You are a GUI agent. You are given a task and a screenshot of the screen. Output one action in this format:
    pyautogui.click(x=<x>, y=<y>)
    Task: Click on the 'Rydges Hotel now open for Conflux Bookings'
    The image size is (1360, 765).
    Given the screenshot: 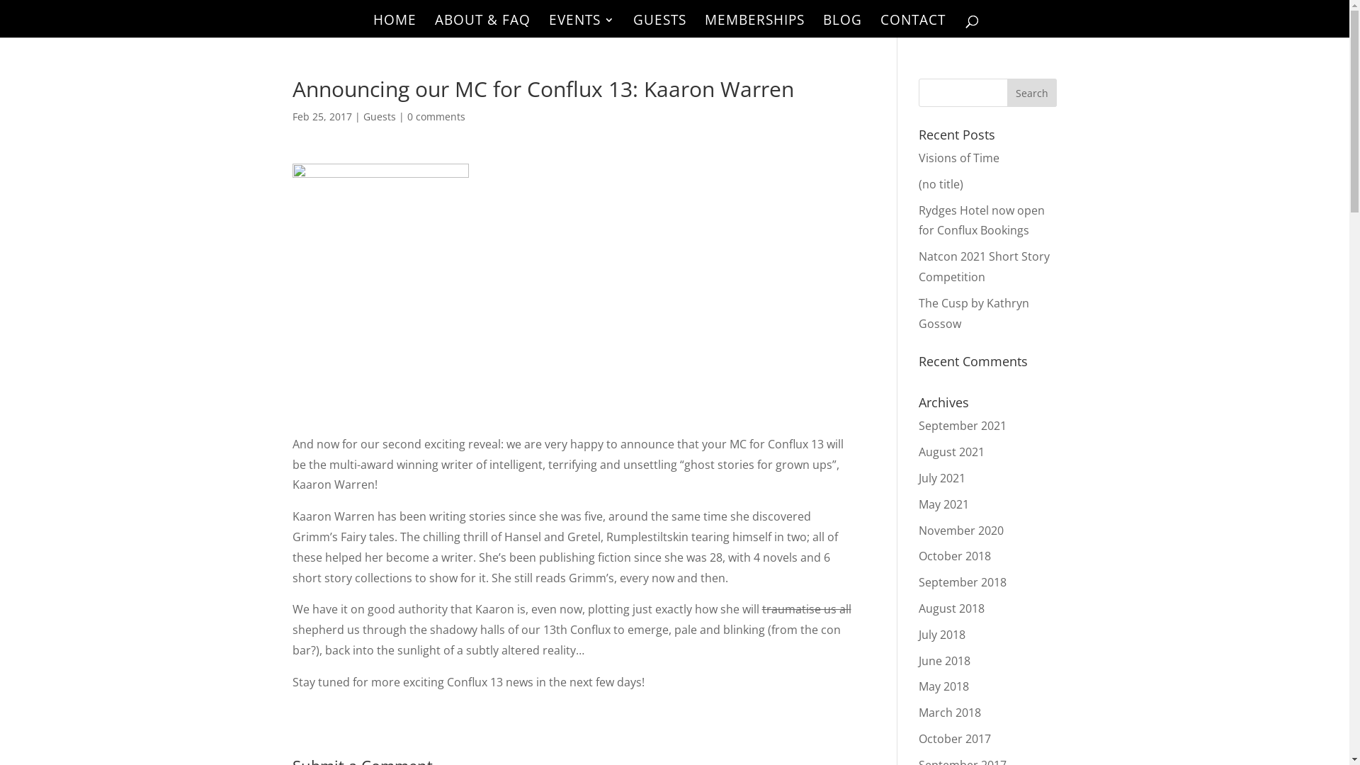 What is the action you would take?
    pyautogui.click(x=981, y=220)
    